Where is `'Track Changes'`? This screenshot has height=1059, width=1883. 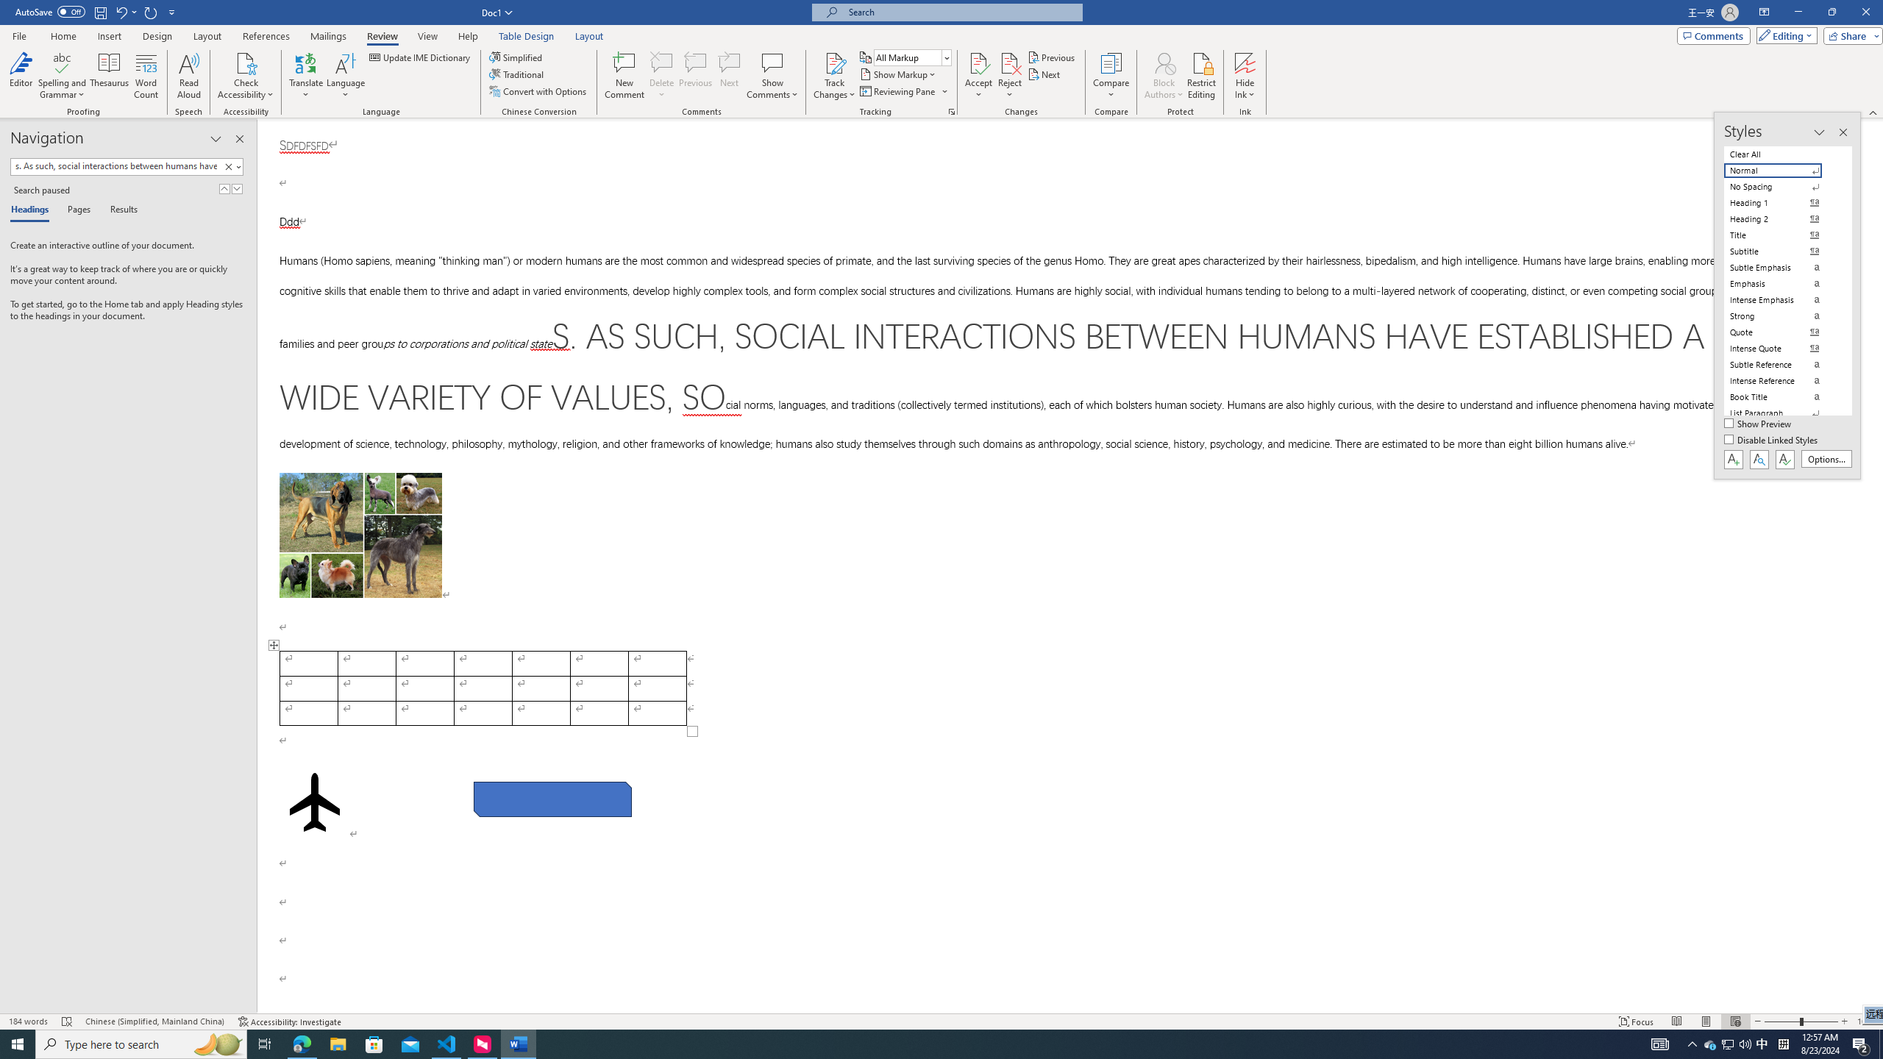 'Track Changes' is located at coordinates (833, 62).